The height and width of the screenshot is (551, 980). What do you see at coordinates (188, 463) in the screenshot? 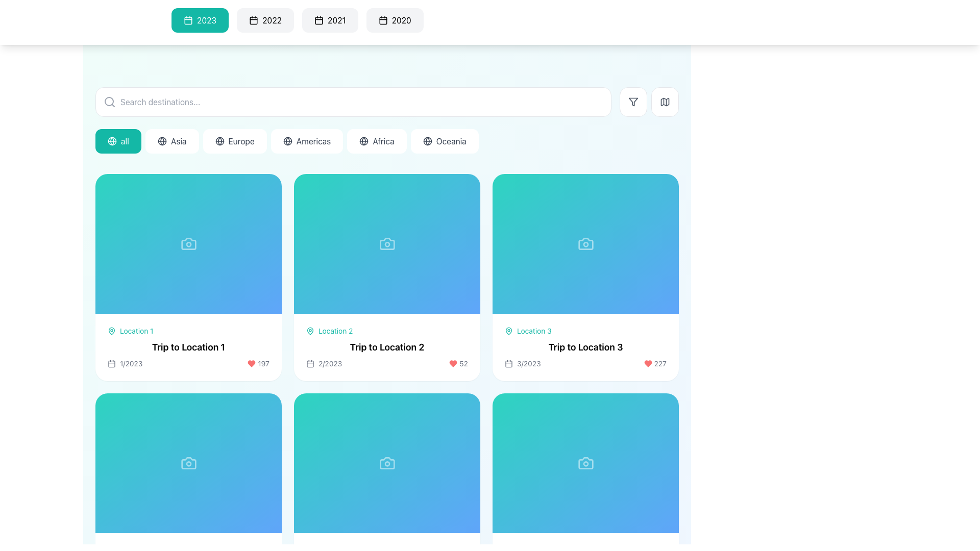
I see `the Background panel or preview placeholder located in the fourth card of the second row in the grid layout, beneath the title and details of the card` at bounding box center [188, 463].